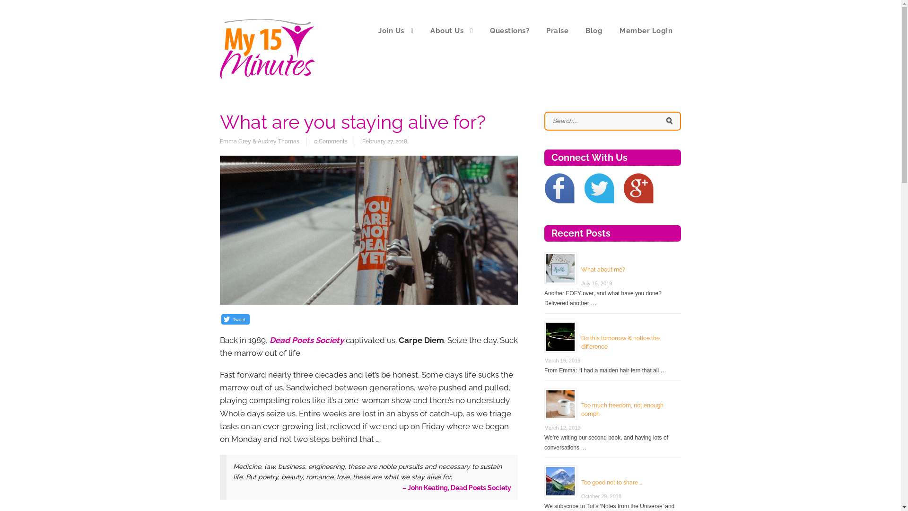  Describe the element at coordinates (622, 409) in the screenshot. I see `'Too much freedom, not enough oomph'` at that location.